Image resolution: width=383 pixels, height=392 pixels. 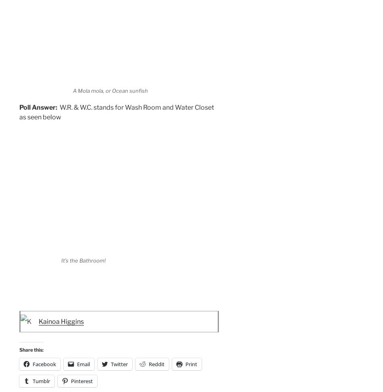 I want to click on 'Facebook', so click(x=44, y=364).